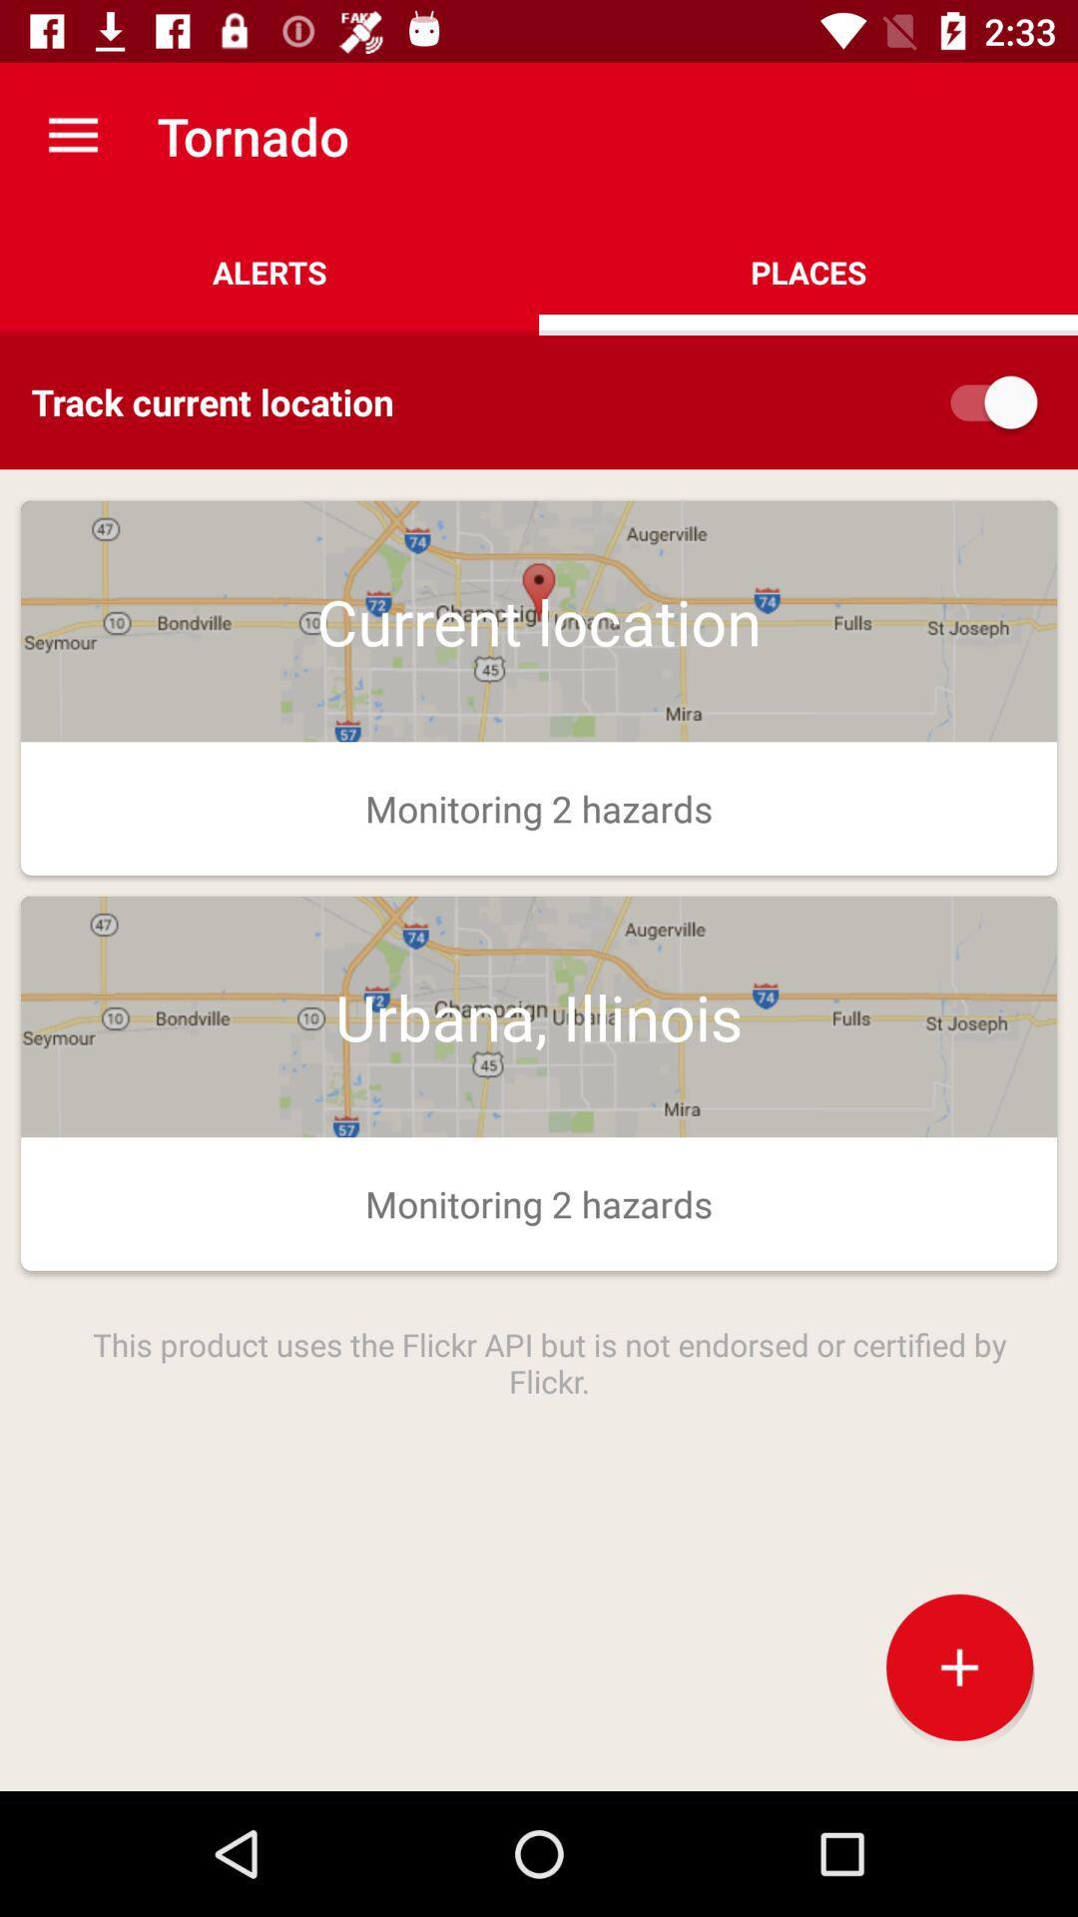  Describe the element at coordinates (808, 272) in the screenshot. I see `icon to the right of alerts icon` at that location.